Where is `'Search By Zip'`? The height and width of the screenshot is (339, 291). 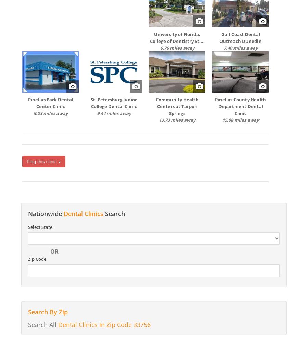 'Search By Zip' is located at coordinates (48, 311).